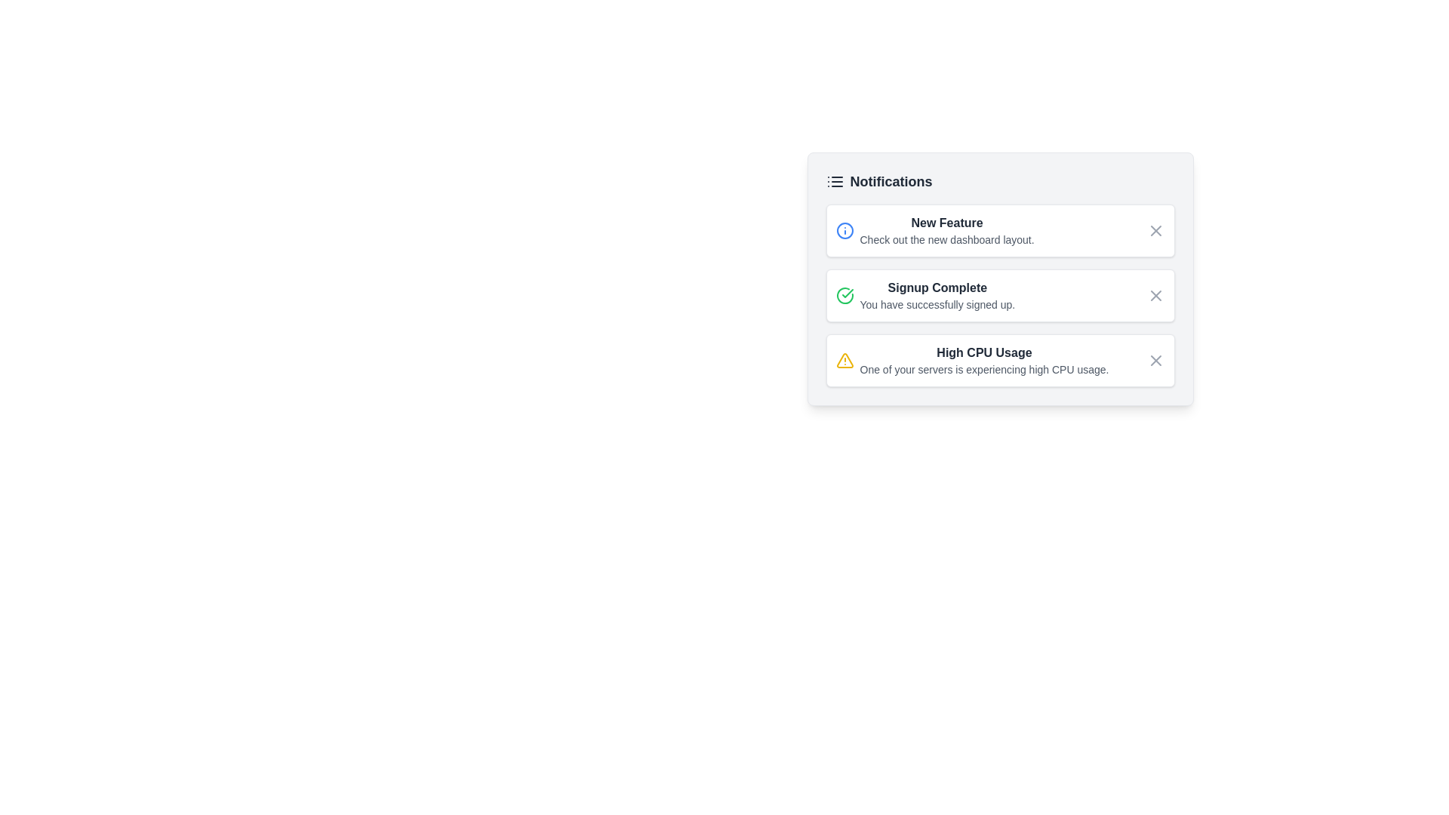 The image size is (1449, 815). I want to click on the warning icon indicating high CPU usage, which is the third item in the list of notifications, located to the left of the notification text 'High CPU Usage', so click(844, 361).